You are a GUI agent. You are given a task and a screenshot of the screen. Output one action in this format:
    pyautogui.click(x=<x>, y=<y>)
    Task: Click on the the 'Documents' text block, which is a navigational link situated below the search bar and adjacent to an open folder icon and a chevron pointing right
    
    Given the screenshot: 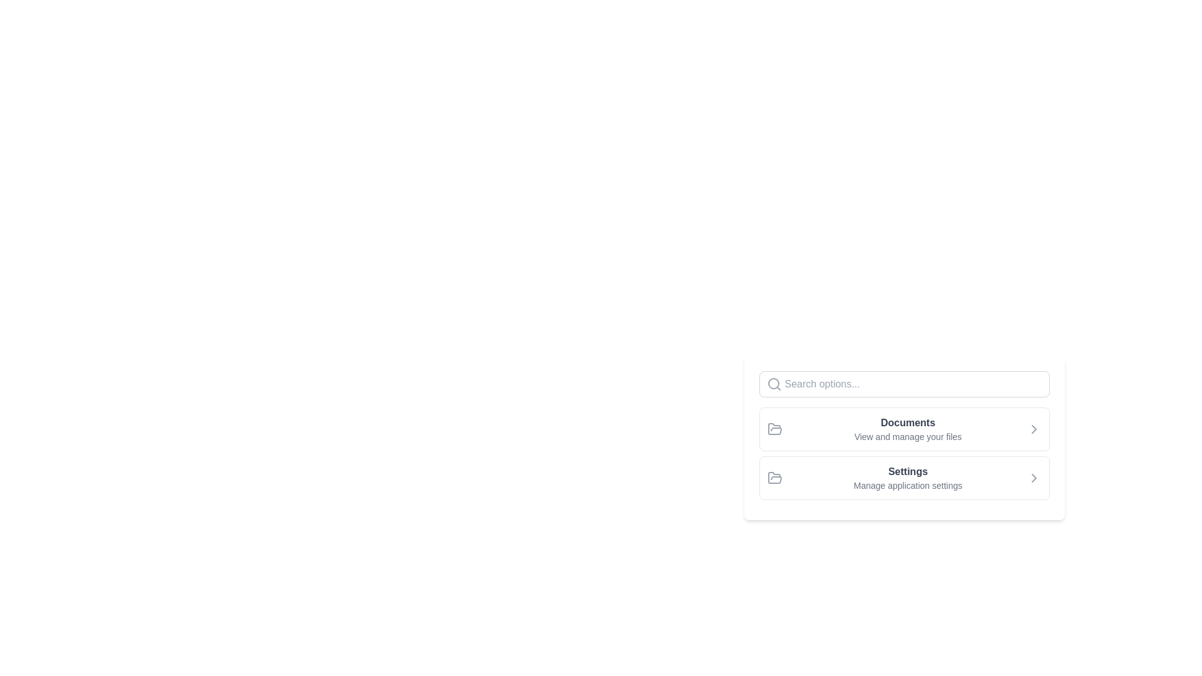 What is the action you would take?
    pyautogui.click(x=907, y=429)
    